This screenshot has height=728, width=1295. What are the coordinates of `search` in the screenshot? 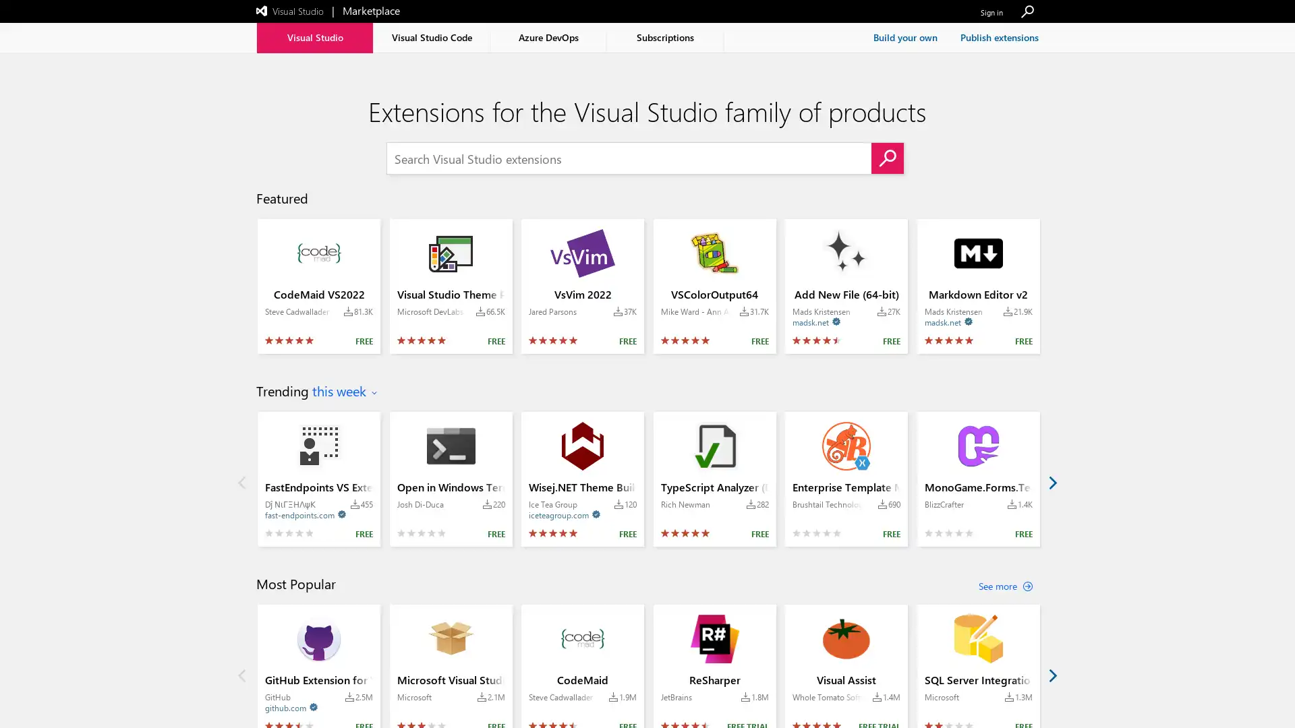 It's located at (887, 158).